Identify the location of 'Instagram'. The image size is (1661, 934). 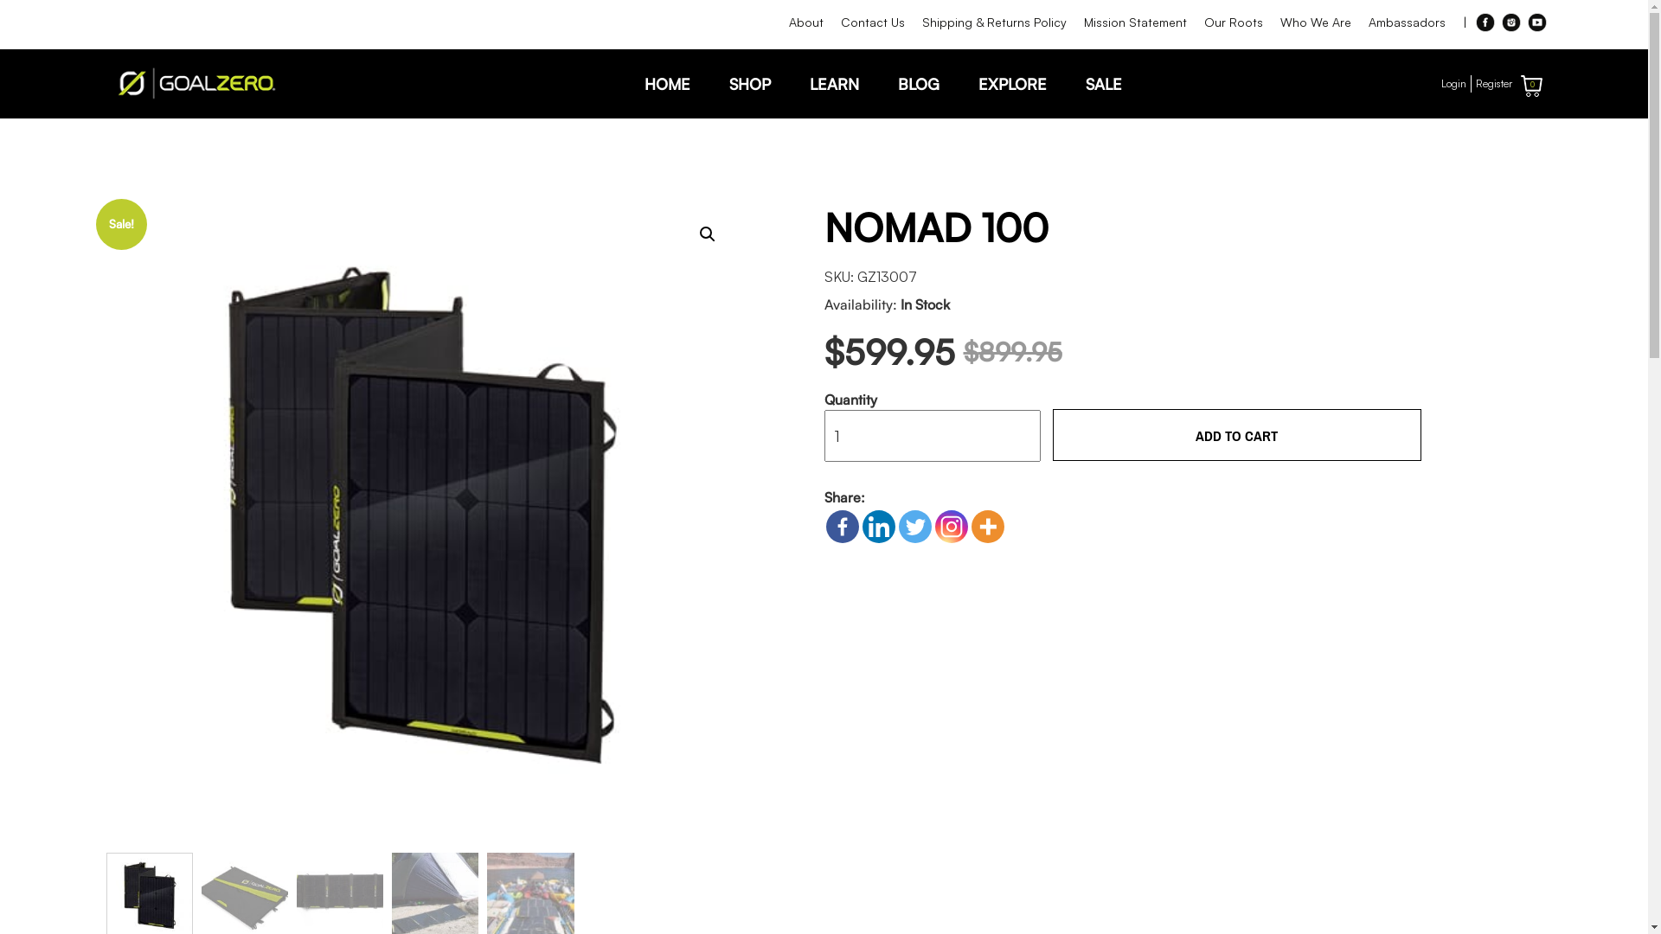
(1510, 22).